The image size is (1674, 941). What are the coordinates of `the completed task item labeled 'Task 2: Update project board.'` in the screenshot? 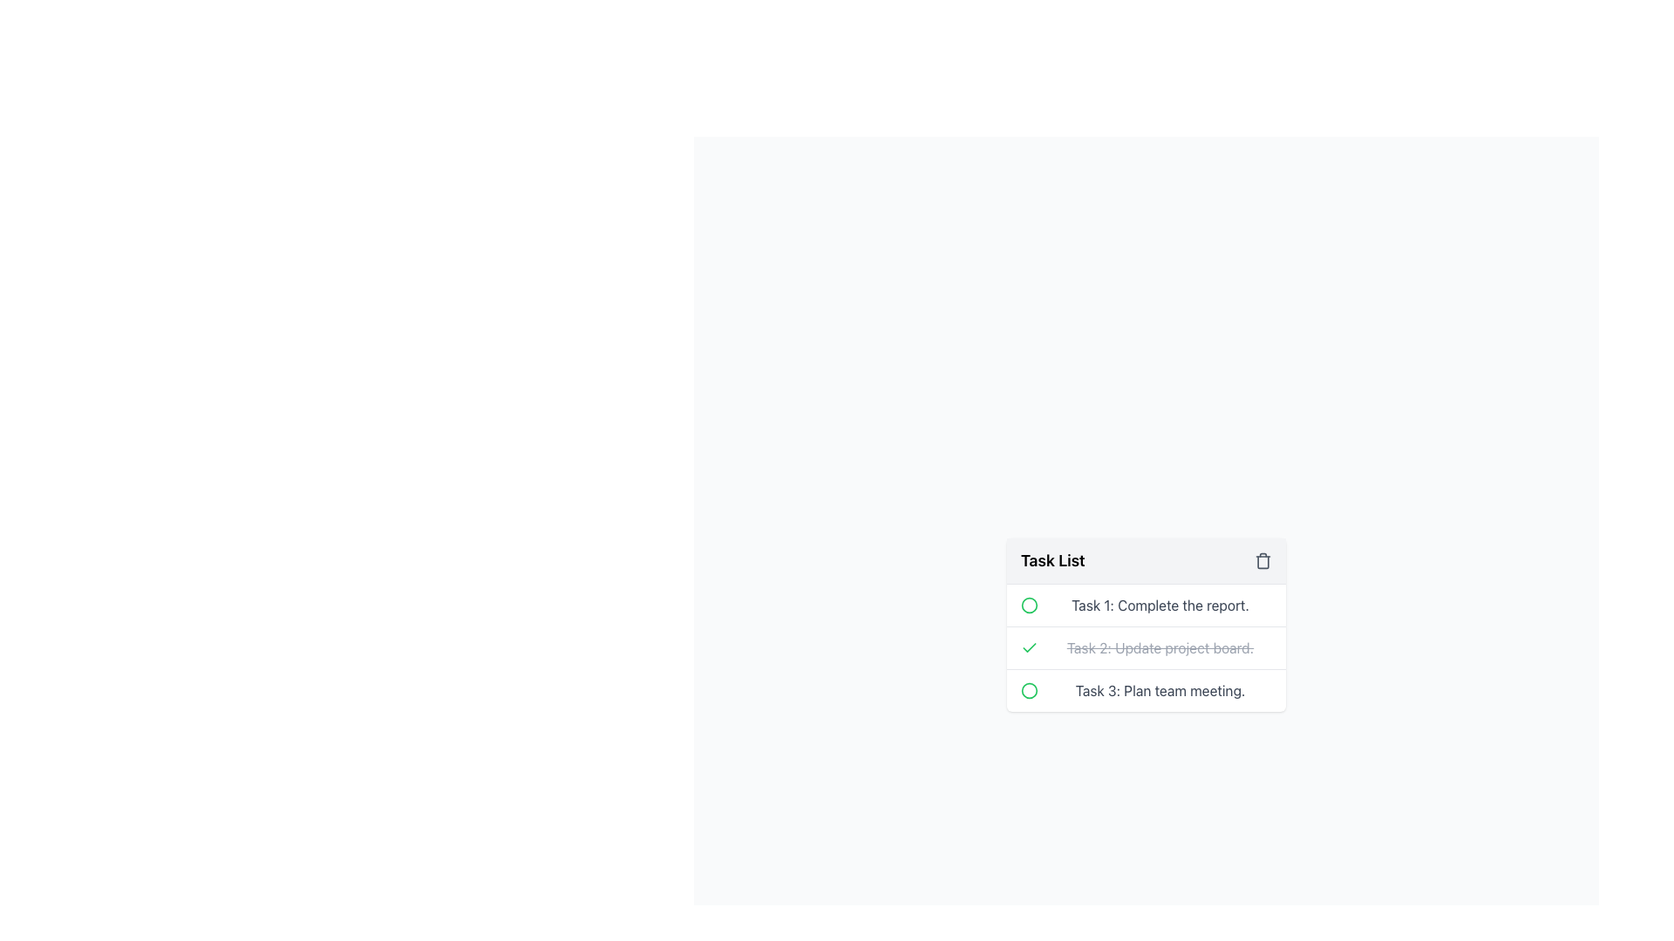 It's located at (1147, 647).